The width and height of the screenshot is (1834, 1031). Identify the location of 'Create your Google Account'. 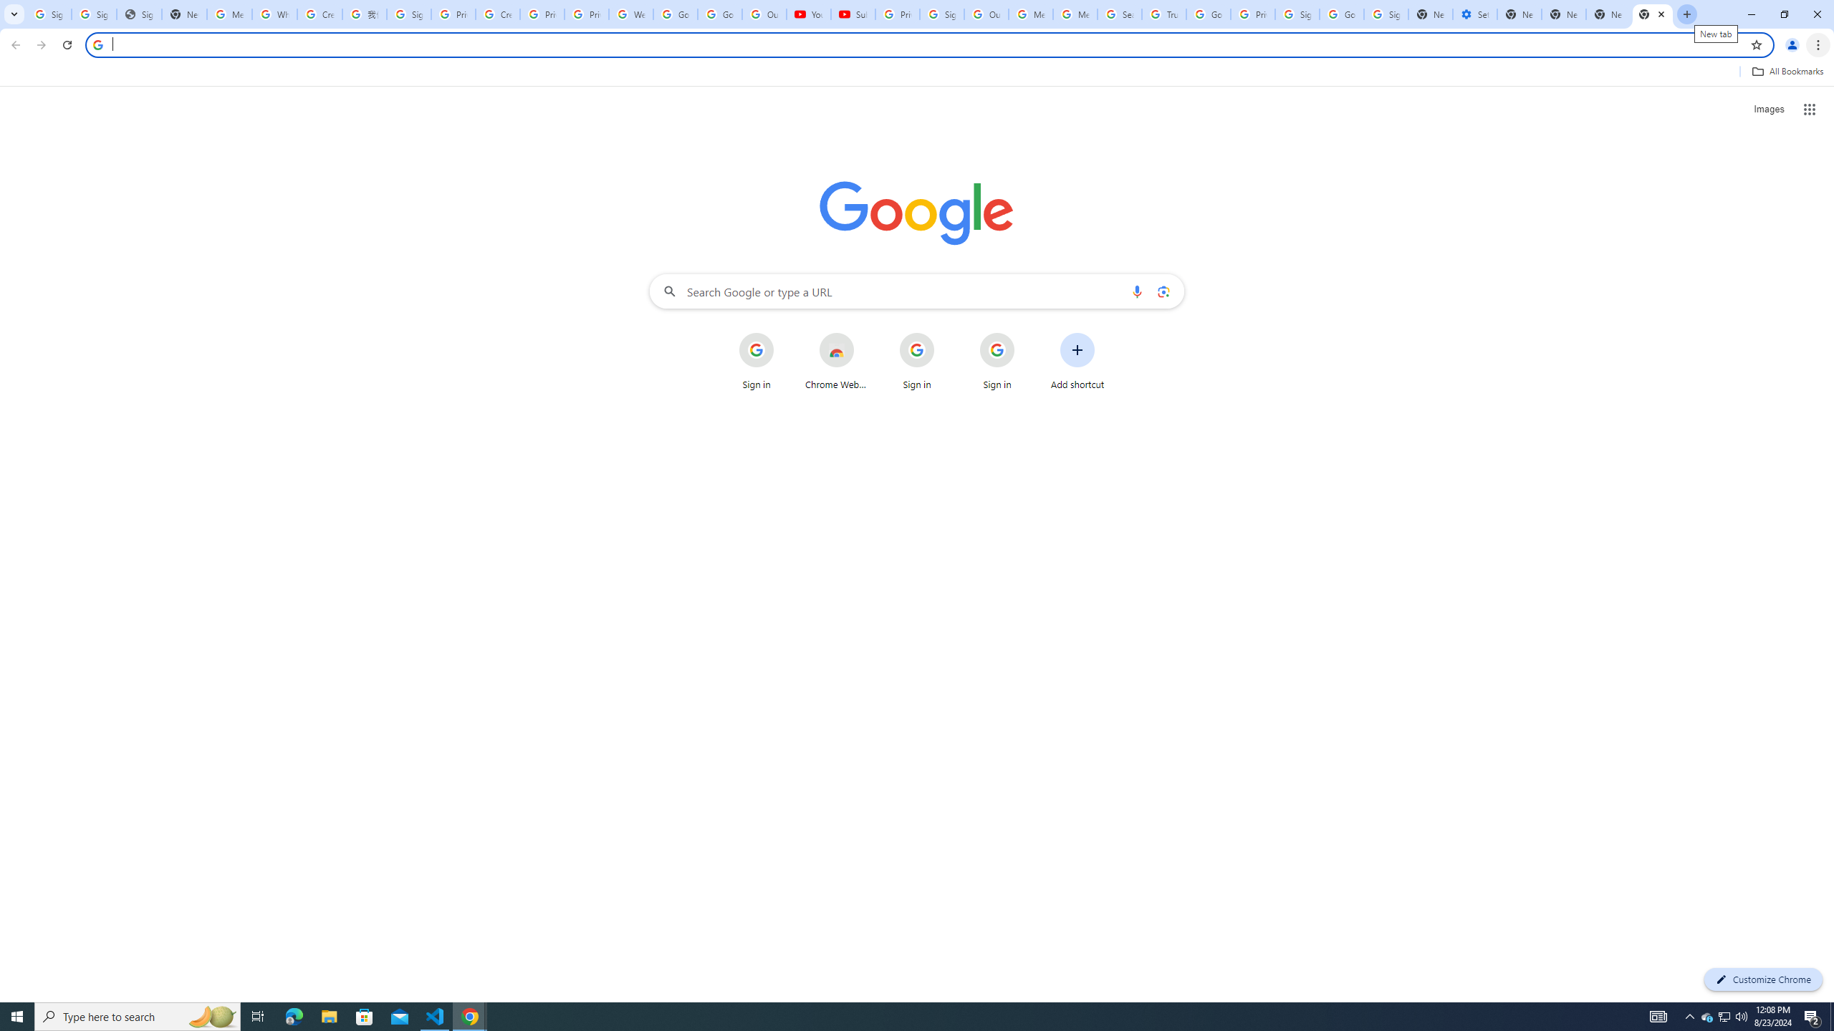
(319, 14).